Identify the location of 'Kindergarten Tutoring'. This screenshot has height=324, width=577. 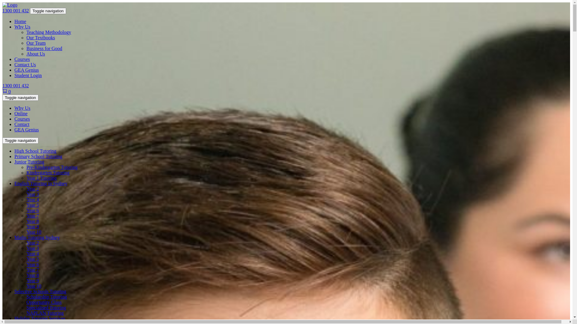
(26, 172).